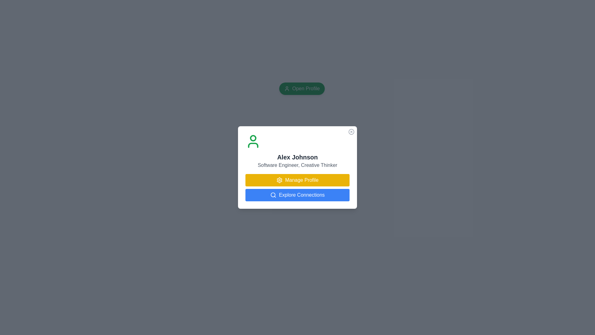 This screenshot has width=595, height=335. What do you see at coordinates (273, 194) in the screenshot?
I see `the 'Explore Connections' button, which features a magnifying glass icon with a blue stroke on a blue background, positioned at the bottom of the white profile card` at bounding box center [273, 194].